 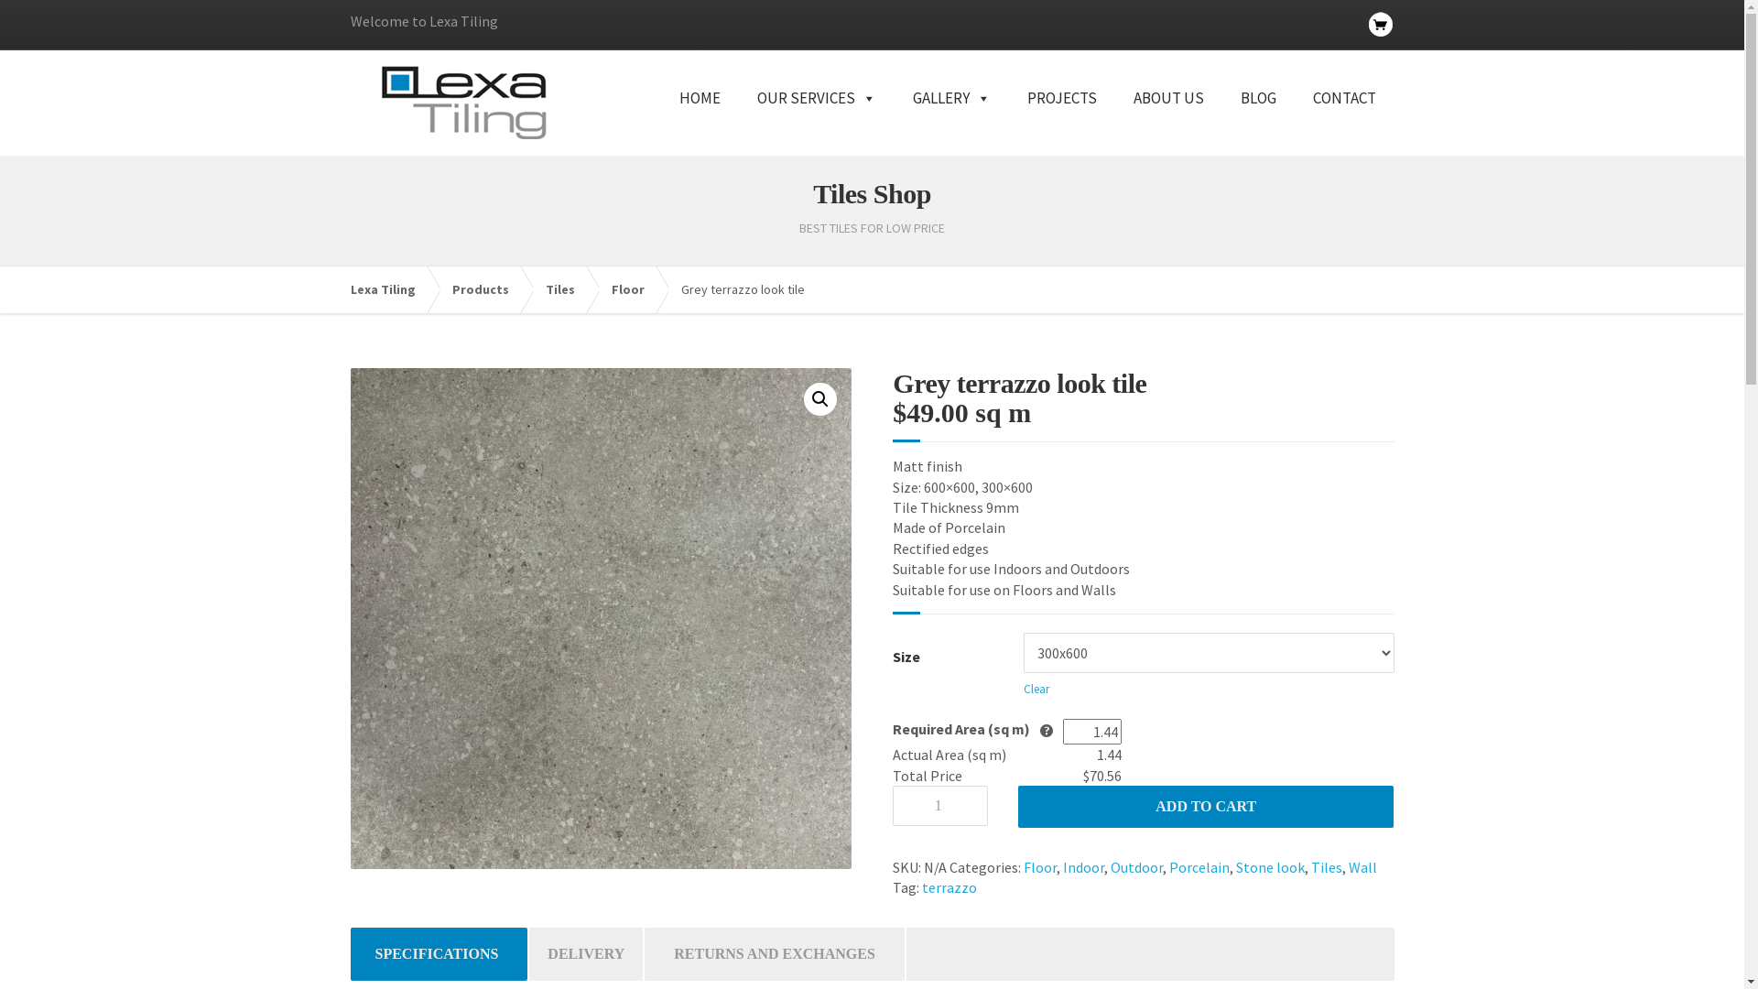 I want to click on 'BLOG', so click(x=1256, y=119).